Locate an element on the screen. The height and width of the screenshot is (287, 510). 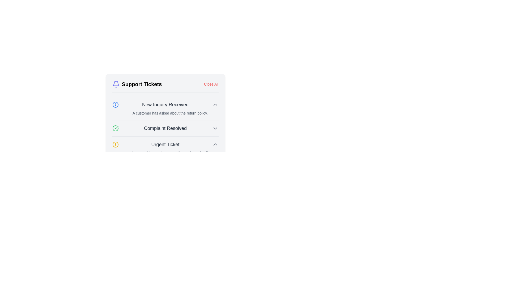
the first item in the notification list that provides details about a new customer inquiry, which is a collapsible item positioned above similar items labeled 'Complaint Resolved' and 'Urgent Ticket' is located at coordinates (165, 108).